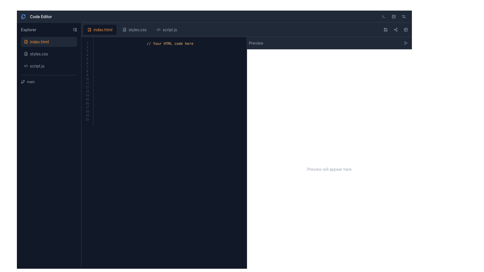  What do you see at coordinates (385, 30) in the screenshot?
I see `the first button in the horizontal group at the top-right section of the interface` at bounding box center [385, 30].